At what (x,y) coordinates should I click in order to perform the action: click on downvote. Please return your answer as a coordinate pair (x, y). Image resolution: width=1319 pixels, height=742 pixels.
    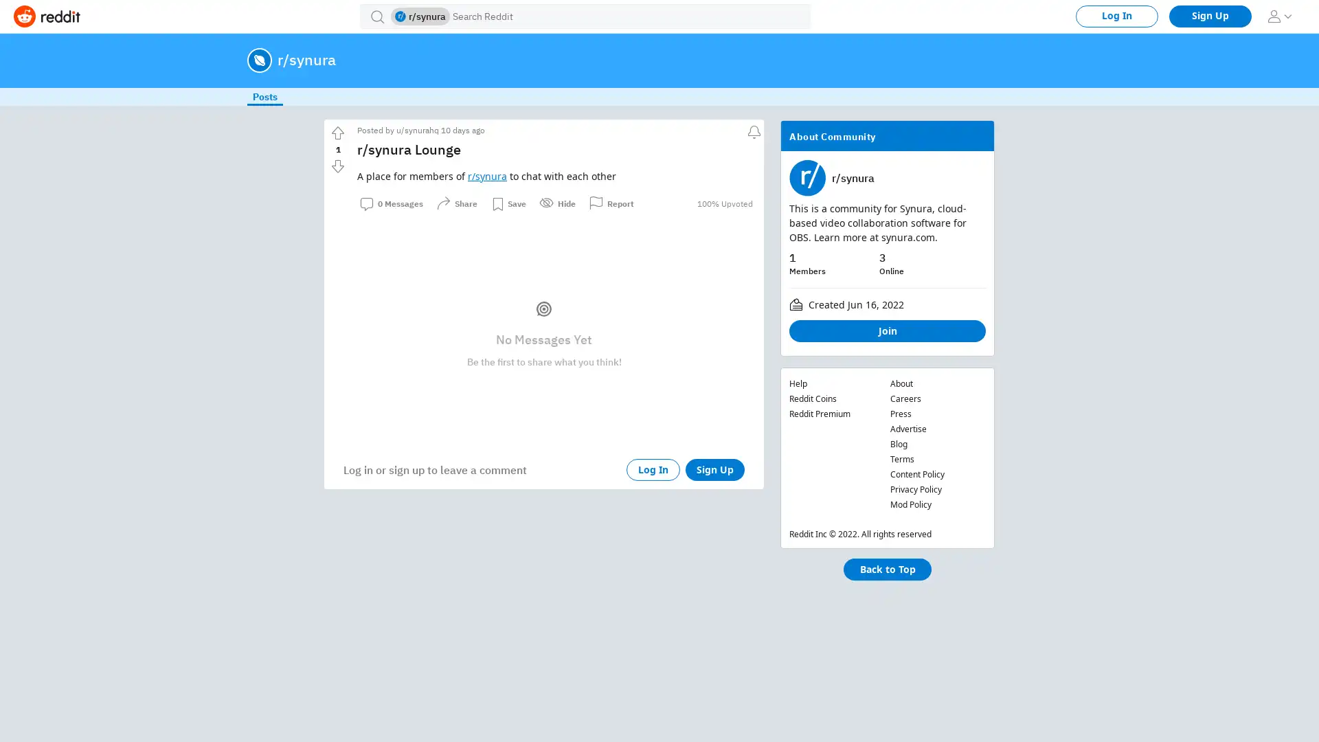
    Looking at the image, I should click on (337, 166).